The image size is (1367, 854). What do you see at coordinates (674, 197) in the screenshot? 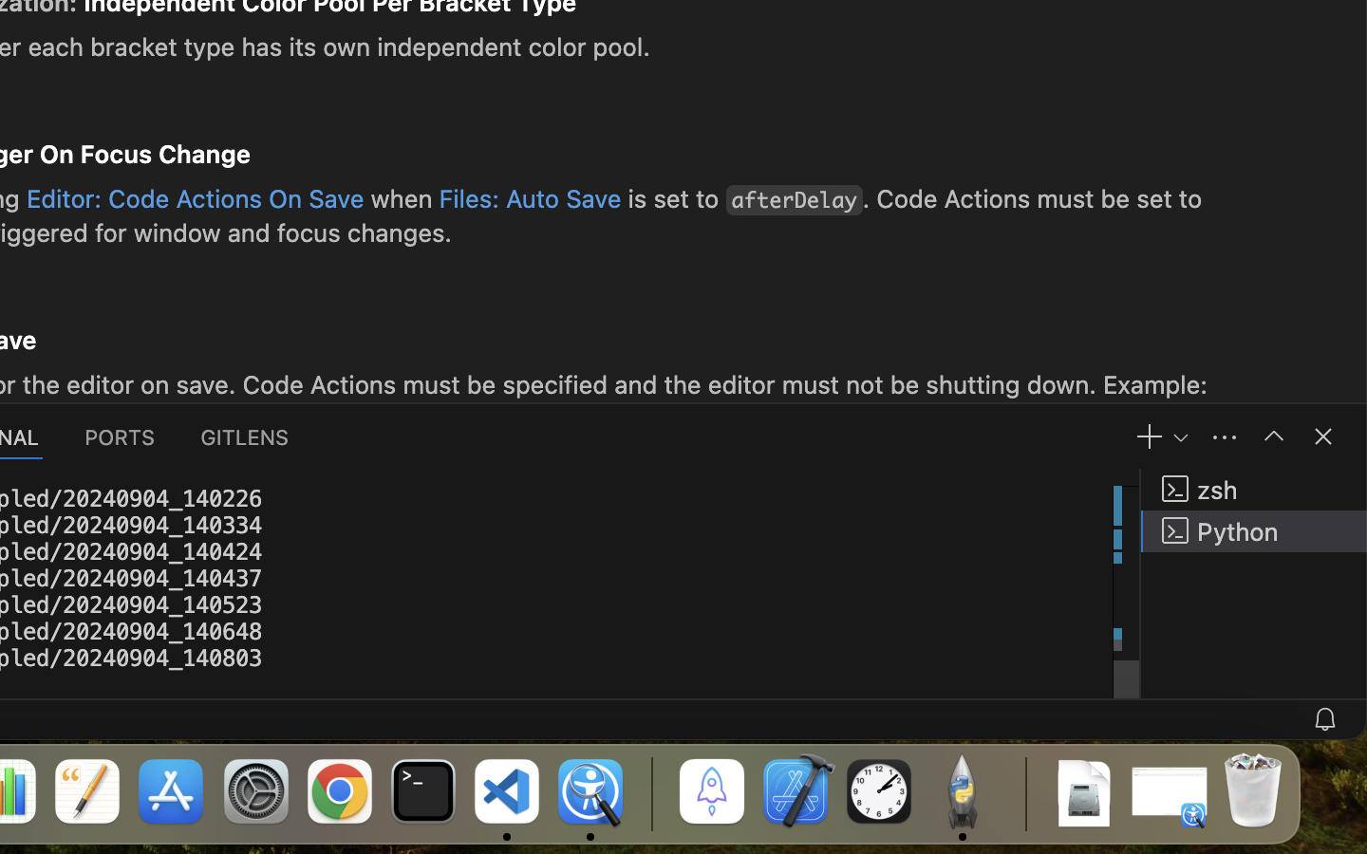
I see `'is set to'` at bounding box center [674, 197].